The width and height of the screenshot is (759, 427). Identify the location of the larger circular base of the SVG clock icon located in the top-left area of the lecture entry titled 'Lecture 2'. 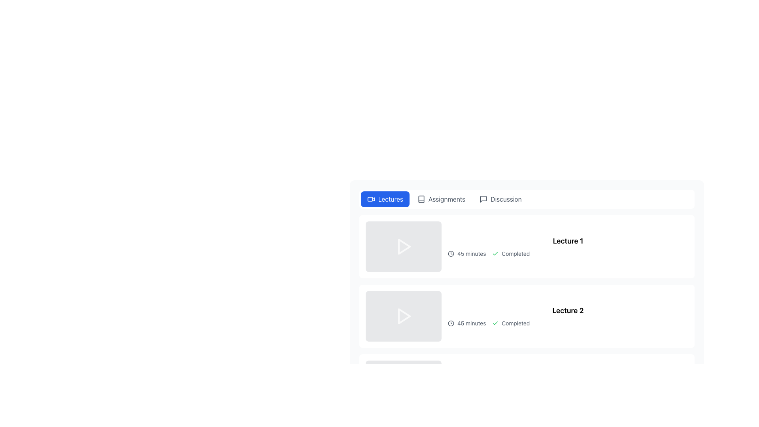
(451, 253).